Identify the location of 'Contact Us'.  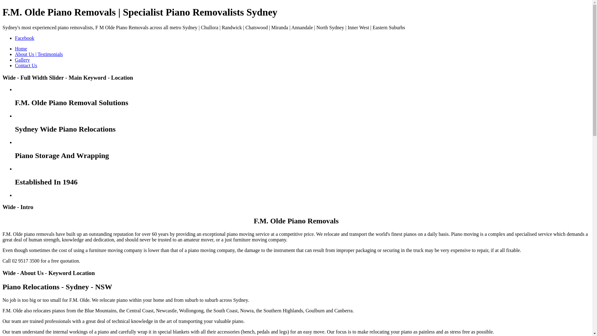
(25, 65).